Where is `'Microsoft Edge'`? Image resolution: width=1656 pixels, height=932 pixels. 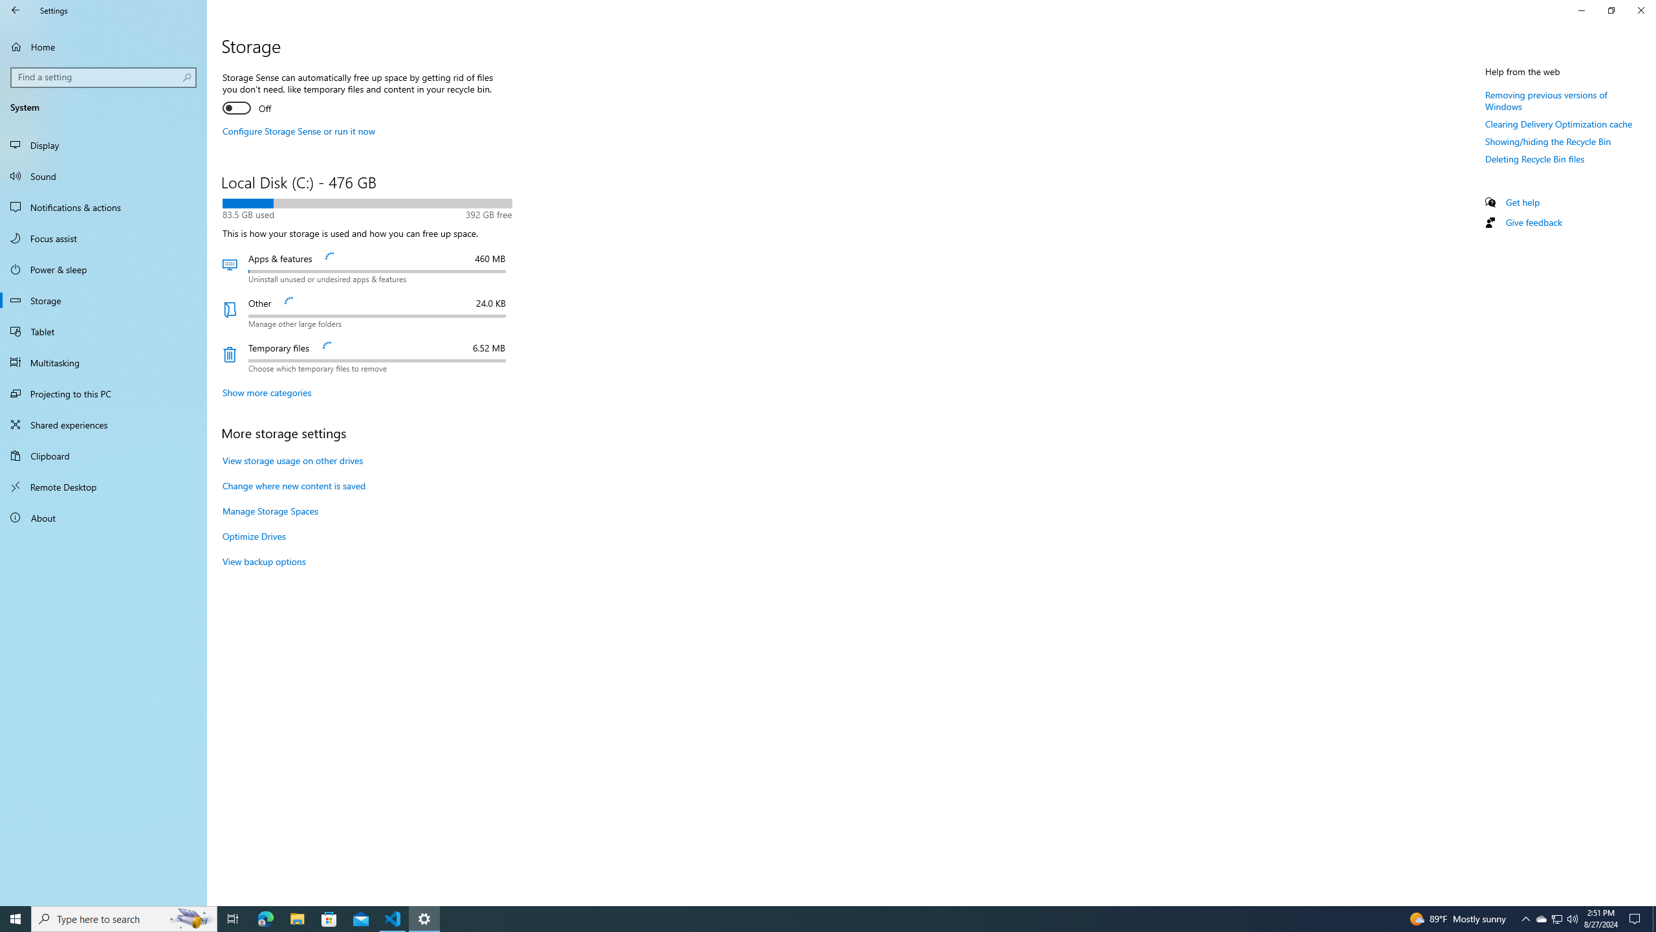
'Microsoft Edge' is located at coordinates (265, 918).